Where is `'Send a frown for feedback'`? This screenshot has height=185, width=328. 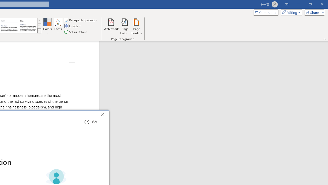
'Send a frown for feedback' is located at coordinates (95, 122).